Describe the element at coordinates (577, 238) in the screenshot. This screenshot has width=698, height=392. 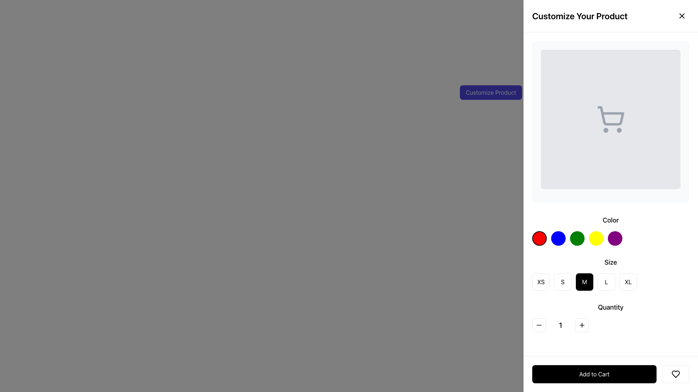
I see `the green circular button, which is the third button in a horizontal row of five` at that location.